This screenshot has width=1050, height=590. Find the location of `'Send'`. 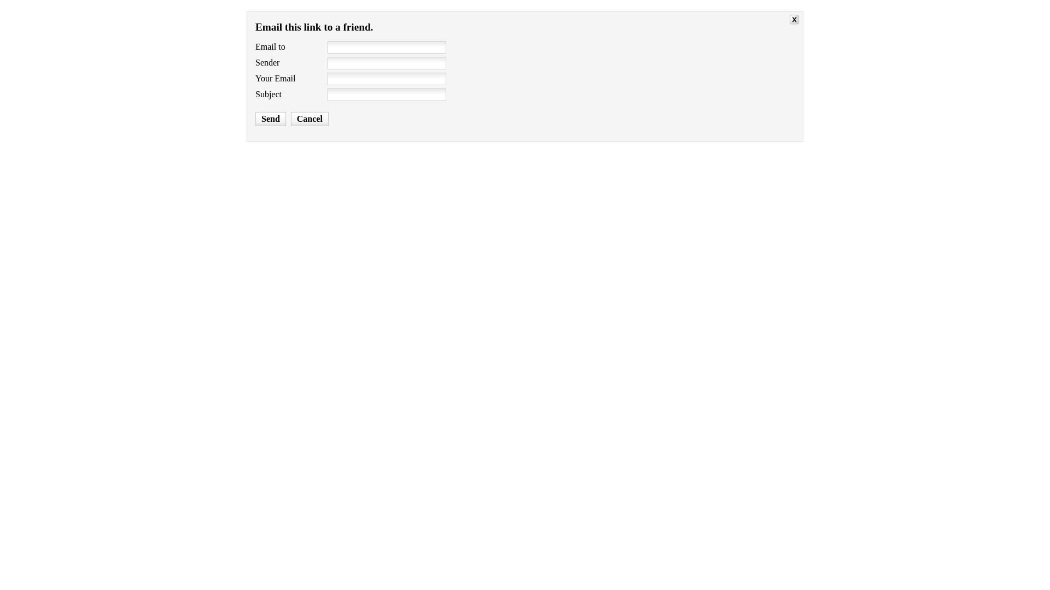

'Send' is located at coordinates (254, 119).